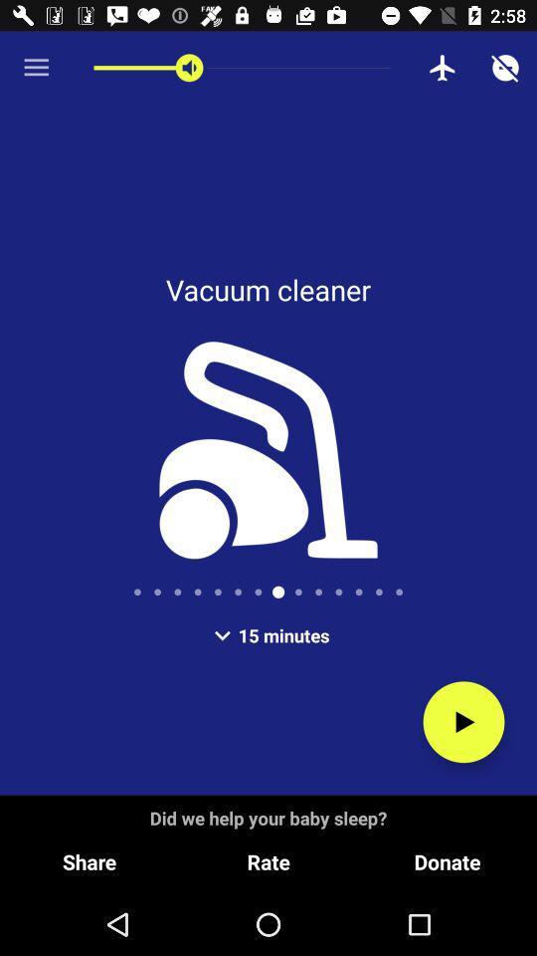 The width and height of the screenshot is (537, 956). Describe the element at coordinates (463, 721) in the screenshot. I see `vacuum cleaner` at that location.